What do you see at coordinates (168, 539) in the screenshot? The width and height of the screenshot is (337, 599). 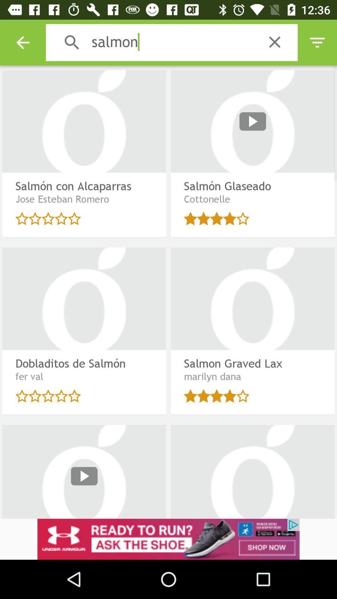 I see `share the article` at bounding box center [168, 539].